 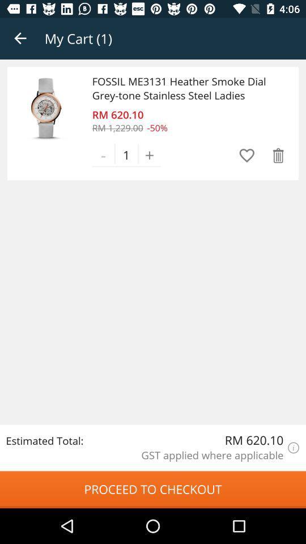 What do you see at coordinates (46, 108) in the screenshot?
I see `item next to the fossil me3131 heather icon` at bounding box center [46, 108].